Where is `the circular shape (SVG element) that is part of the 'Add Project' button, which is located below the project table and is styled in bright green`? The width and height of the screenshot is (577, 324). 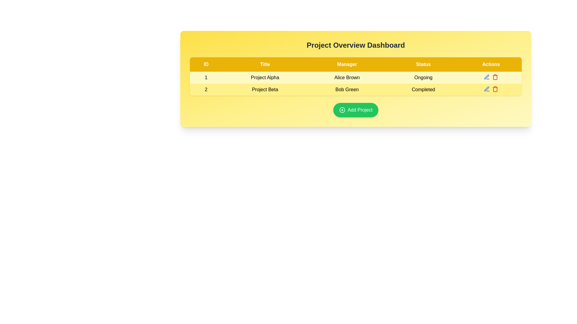
the circular shape (SVG element) that is part of the 'Add Project' button, which is located below the project table and is styled in bright green is located at coordinates (342, 110).